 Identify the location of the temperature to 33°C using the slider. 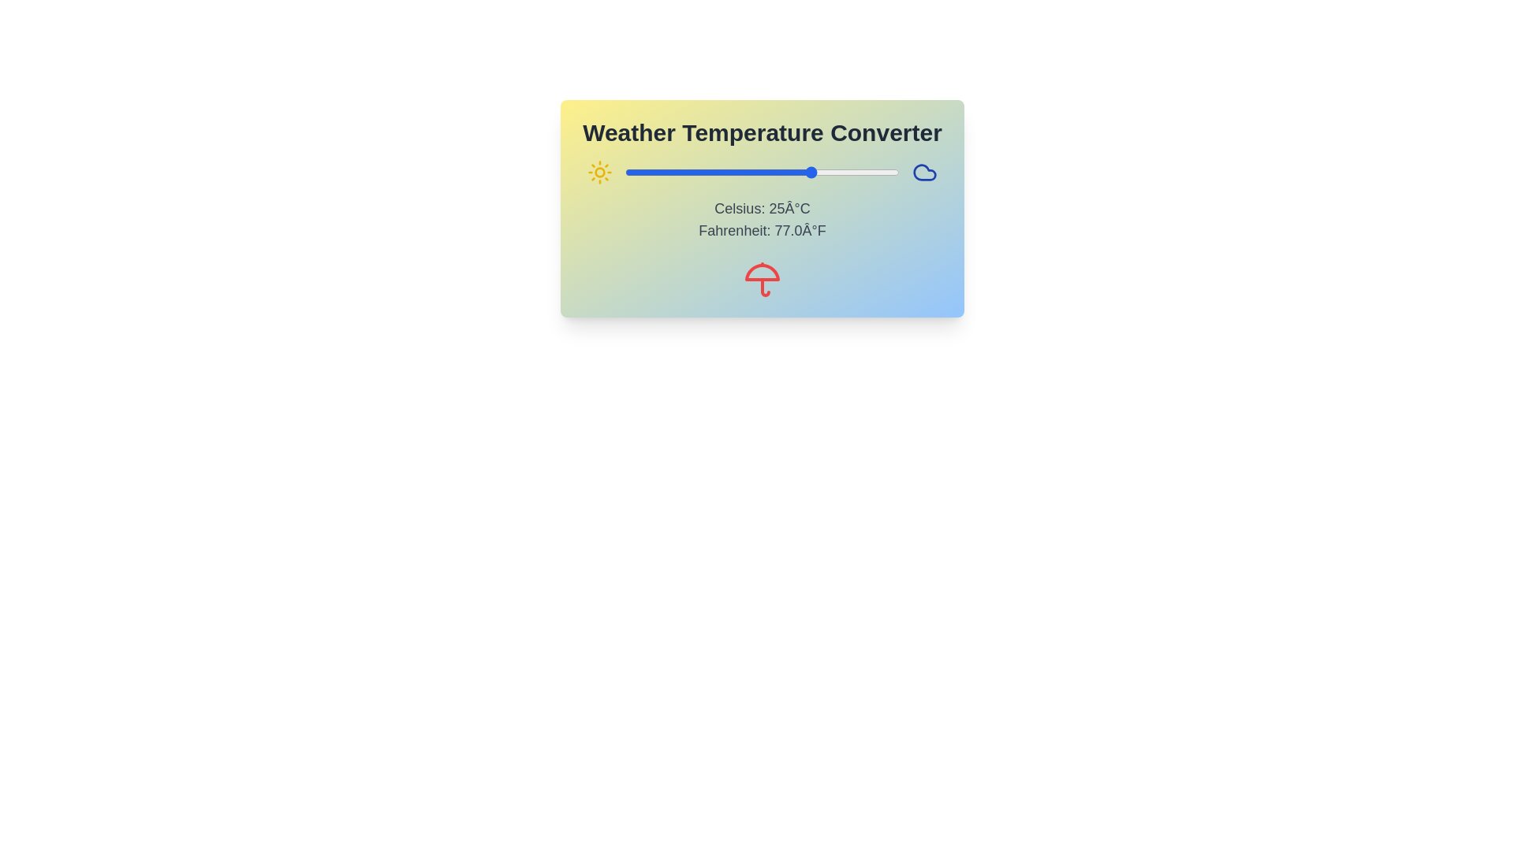
(841, 173).